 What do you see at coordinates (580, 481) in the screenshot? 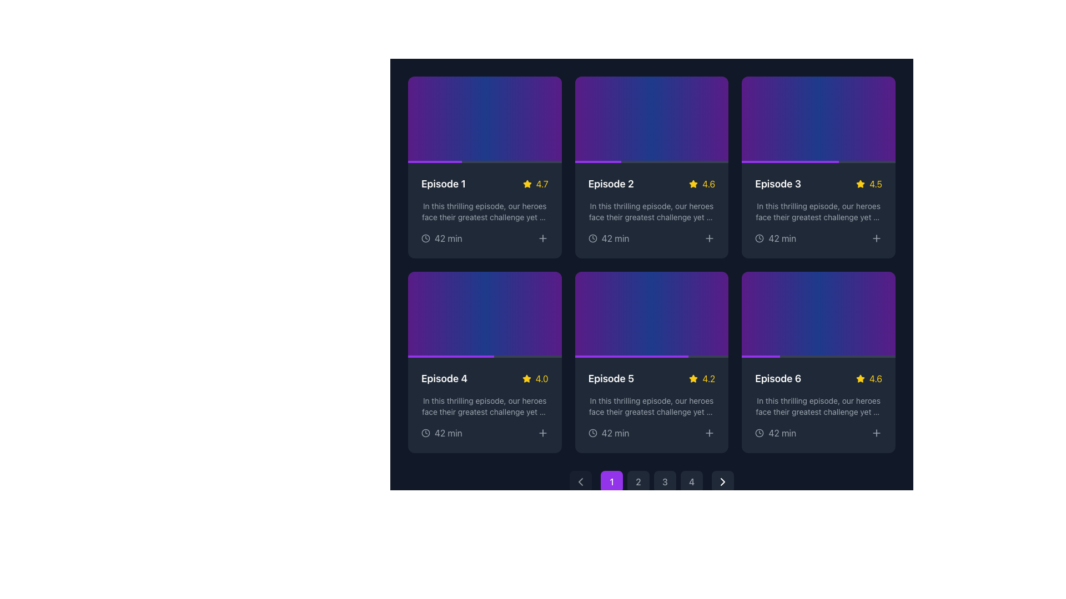
I see `the left-facing chevron icon within the navigation button located at the bottom left of the interface` at bounding box center [580, 481].